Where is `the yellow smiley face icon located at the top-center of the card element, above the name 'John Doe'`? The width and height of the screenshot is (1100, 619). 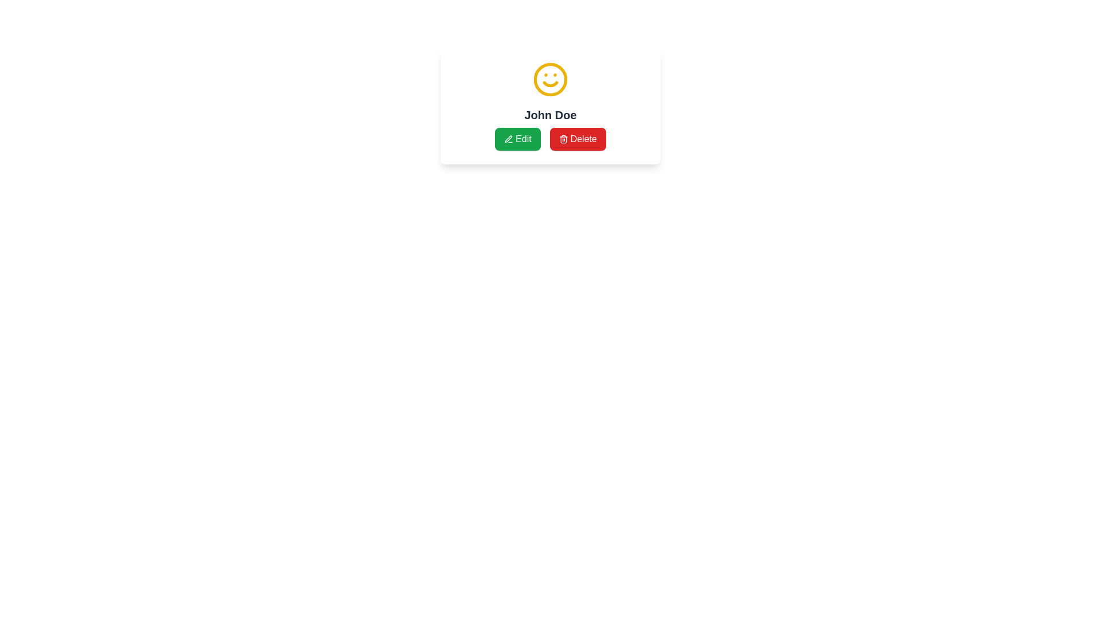
the yellow smiley face icon located at the top-center of the card element, above the name 'John Doe' is located at coordinates (550, 79).